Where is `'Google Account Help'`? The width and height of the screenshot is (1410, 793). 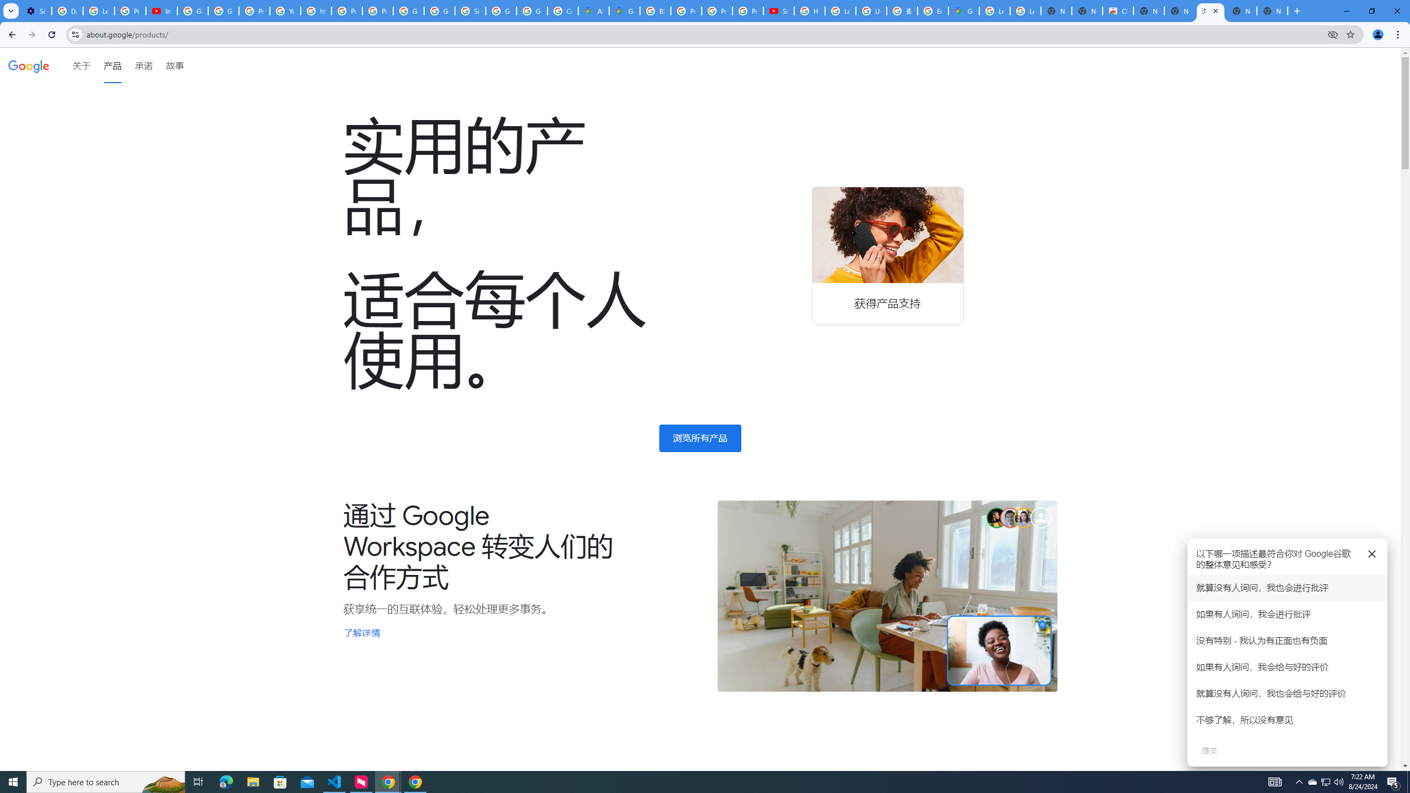 'Google Account Help' is located at coordinates (192, 10).